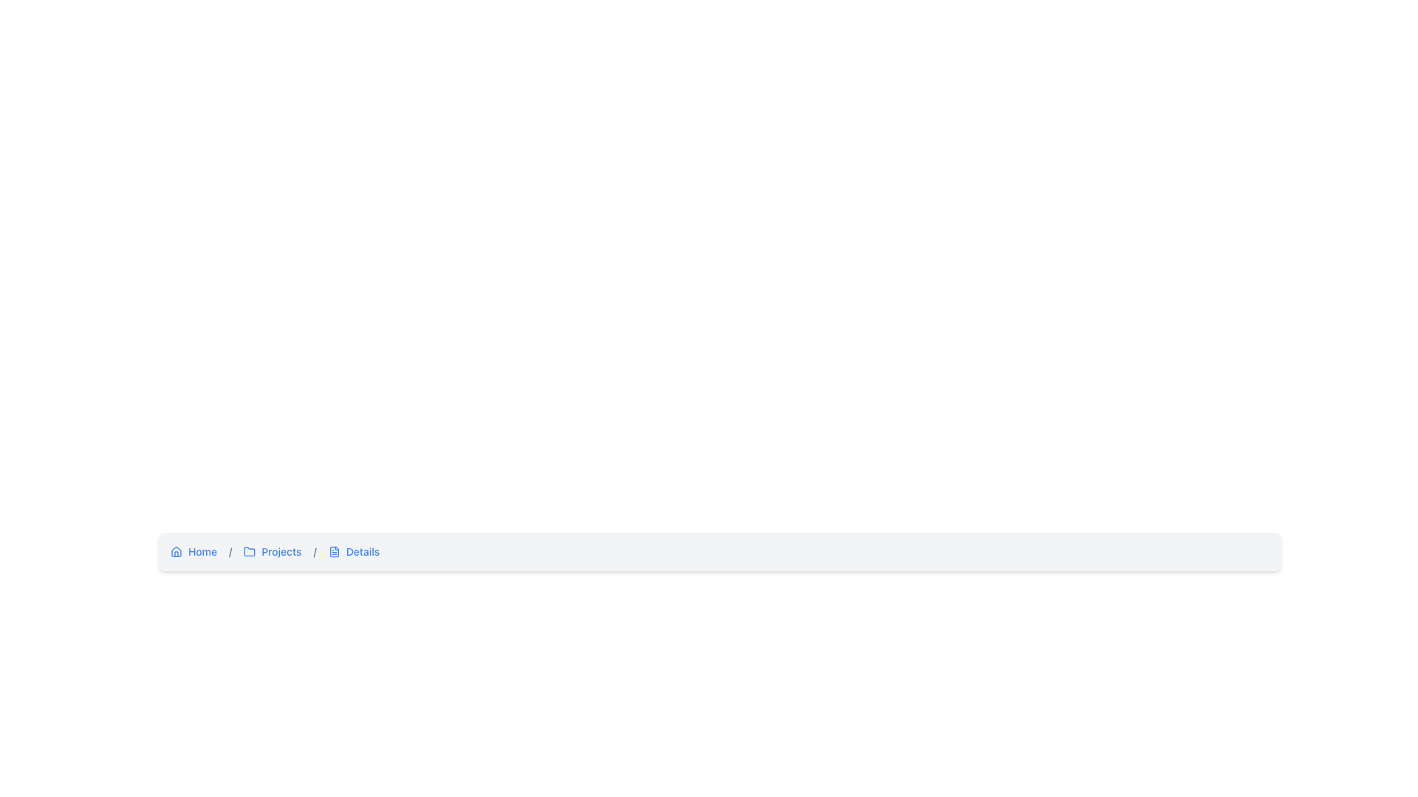  What do you see at coordinates (273, 552) in the screenshot?
I see `the 'Projects' breadcrumb link, which is styled in blue with a folder icon to its left` at bounding box center [273, 552].